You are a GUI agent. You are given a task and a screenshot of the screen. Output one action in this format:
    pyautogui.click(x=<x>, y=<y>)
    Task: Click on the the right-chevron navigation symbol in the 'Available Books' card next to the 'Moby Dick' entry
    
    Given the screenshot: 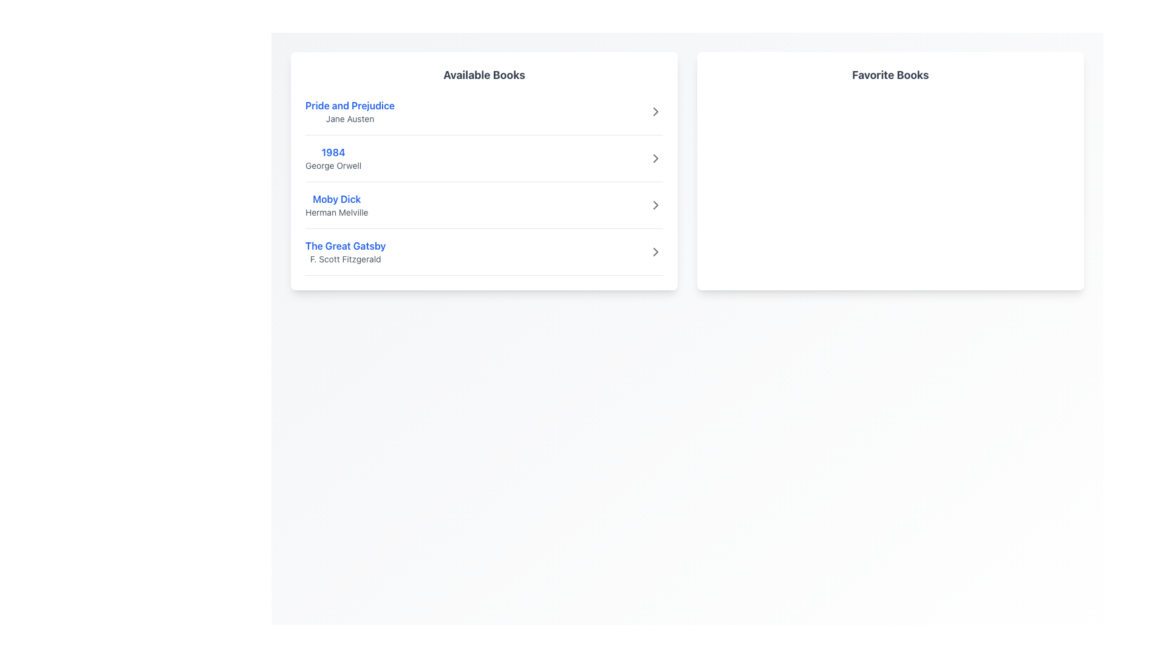 What is the action you would take?
    pyautogui.click(x=655, y=205)
    